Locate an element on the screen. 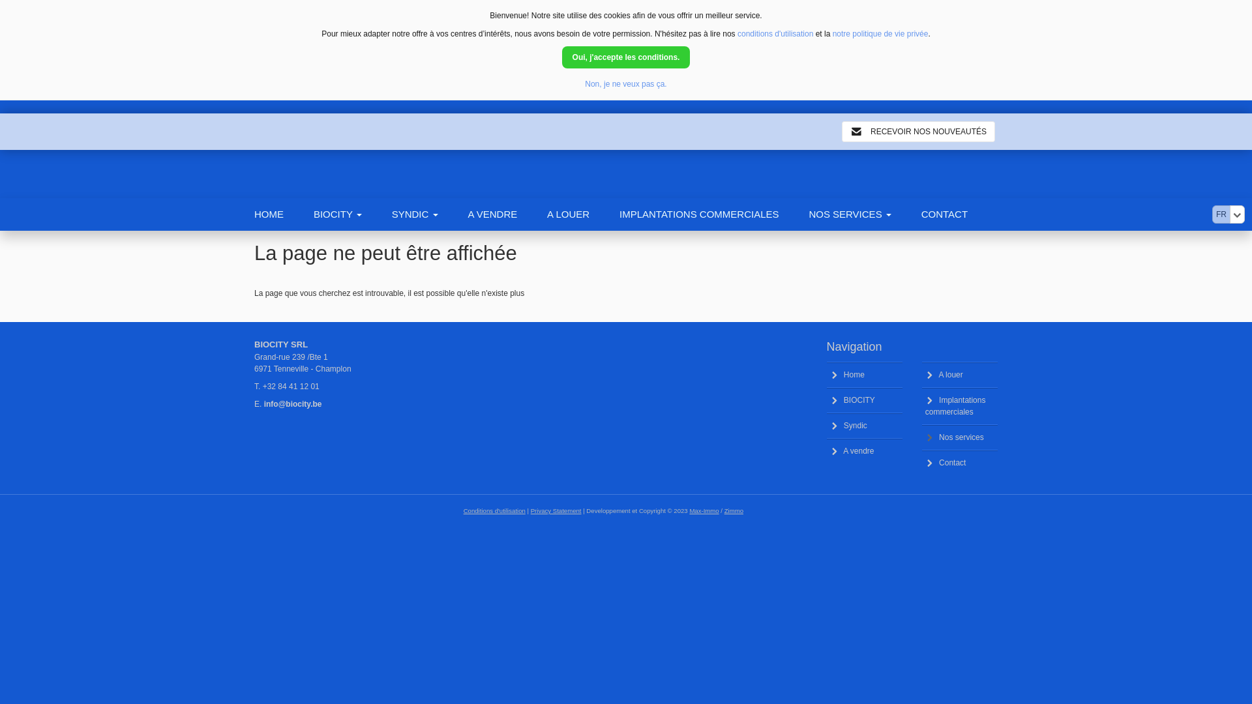  'BIOCITY' is located at coordinates (864, 399).